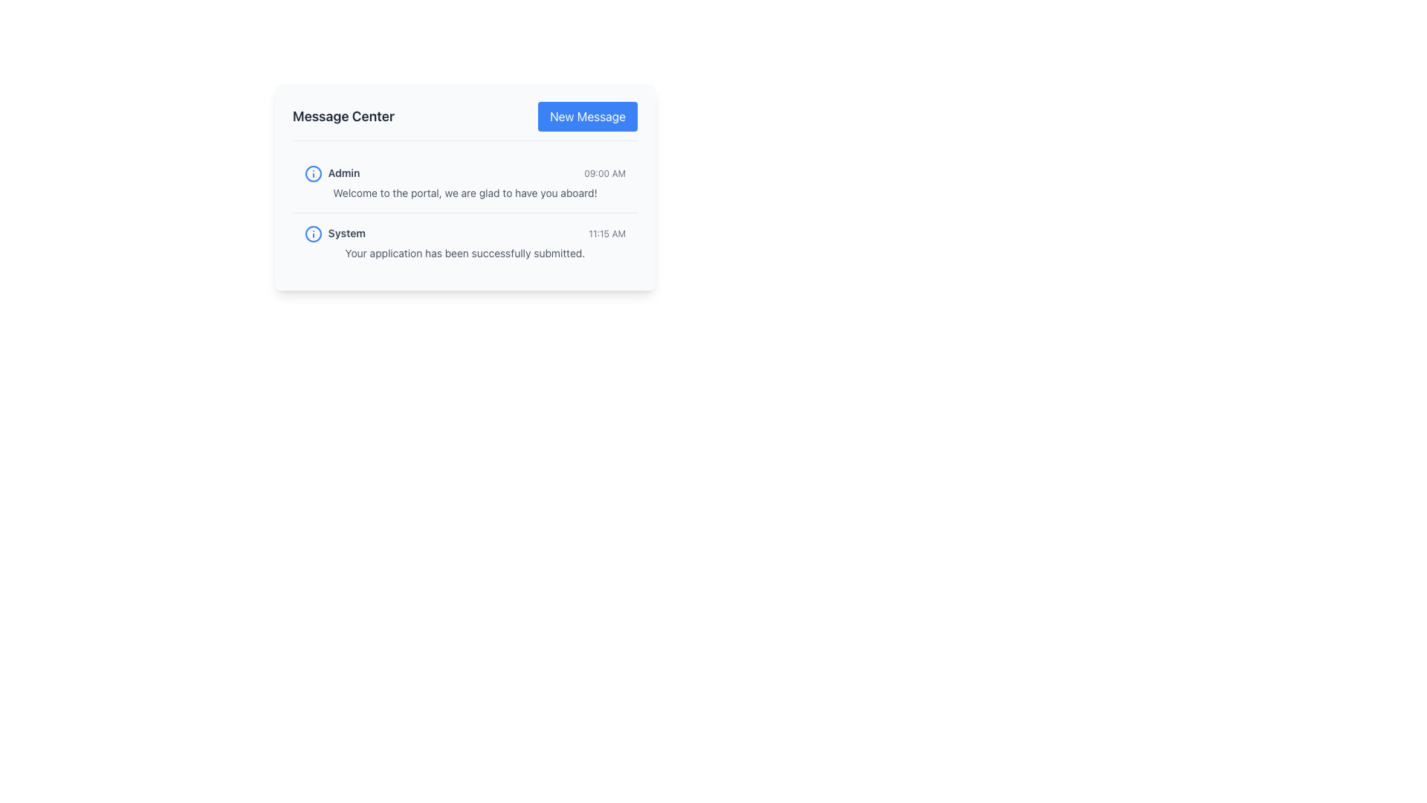 The height and width of the screenshot is (803, 1427). What do you see at coordinates (313, 234) in the screenshot?
I see `the Information icon, which is an outlined circle with a smaller 'i' inside it, located to the immediate left of the text labeled 'System' in the second row of the list in the message center section` at bounding box center [313, 234].